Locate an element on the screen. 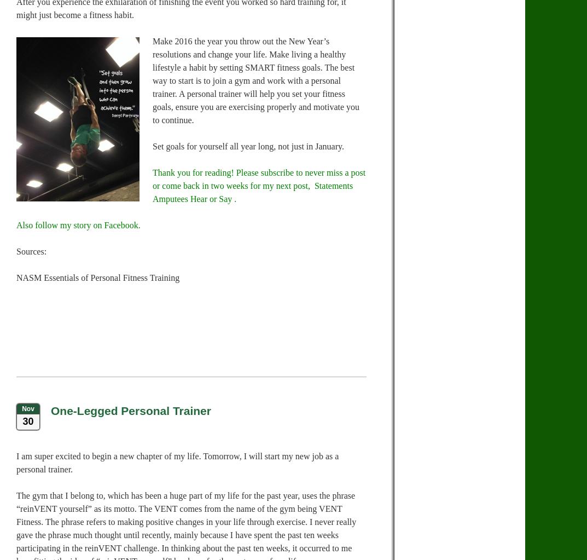  'Also follow my story on Facebook.' is located at coordinates (78, 225).